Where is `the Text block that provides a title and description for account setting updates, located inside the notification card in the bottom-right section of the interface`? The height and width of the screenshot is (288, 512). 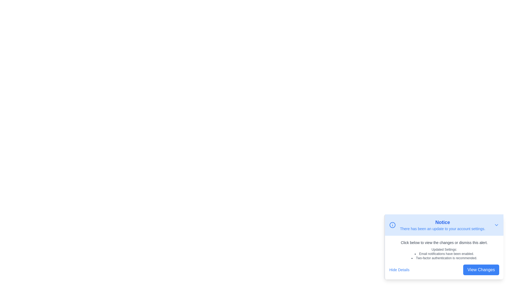 the Text block that provides a title and description for account setting updates, located inside the notification card in the bottom-right section of the interface is located at coordinates (443, 225).